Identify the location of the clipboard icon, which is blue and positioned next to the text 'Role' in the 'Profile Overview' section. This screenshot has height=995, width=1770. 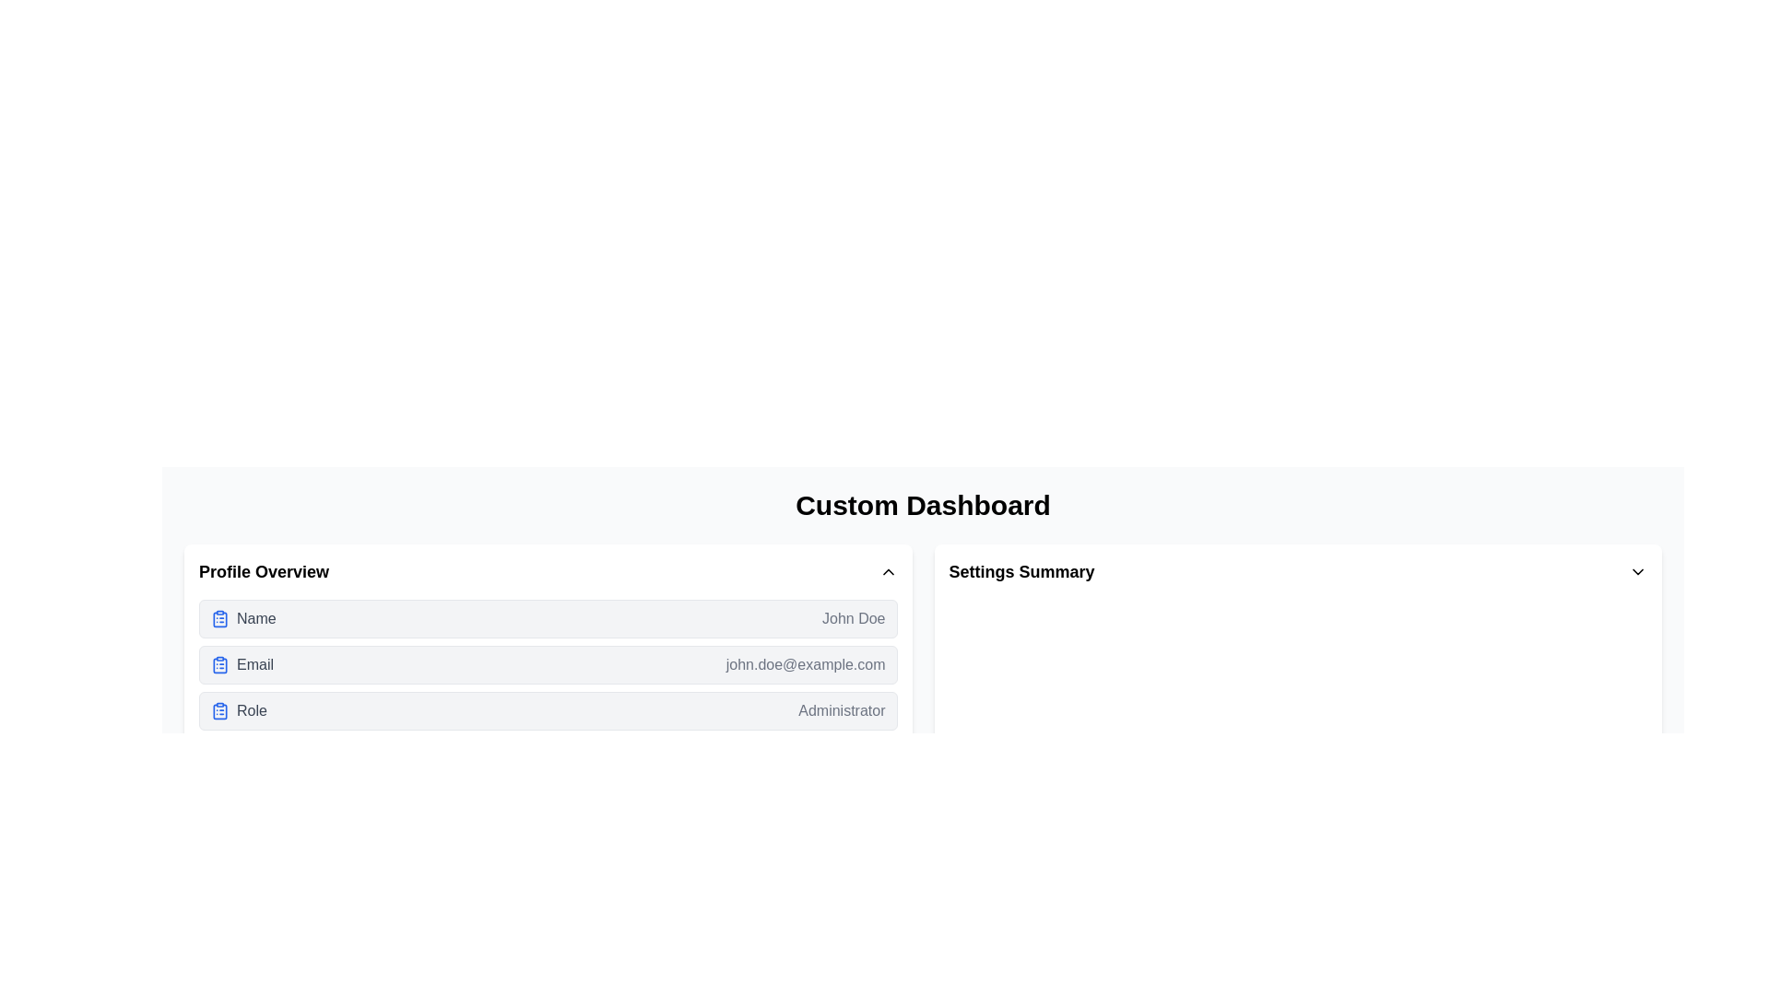
(220, 709).